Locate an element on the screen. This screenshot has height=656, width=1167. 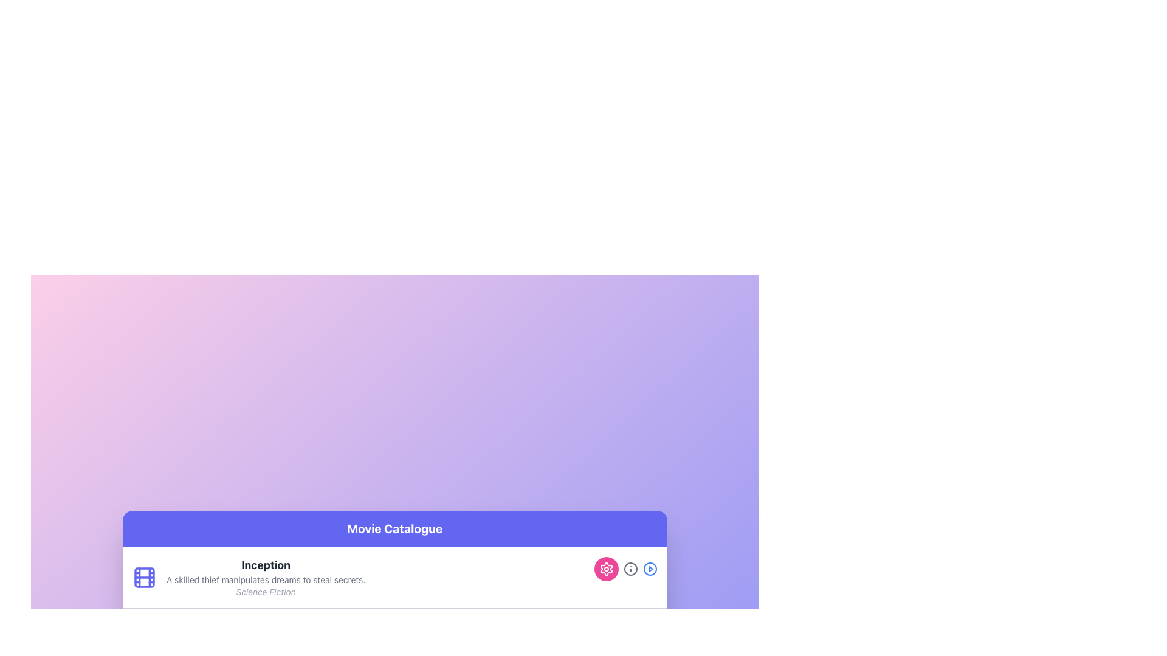
text block displaying the movie title 'Inception', its description, and genre, which is located beneath the 'Movie Catalogue' header and aligned to the right of the film icon is located at coordinates (265, 576).